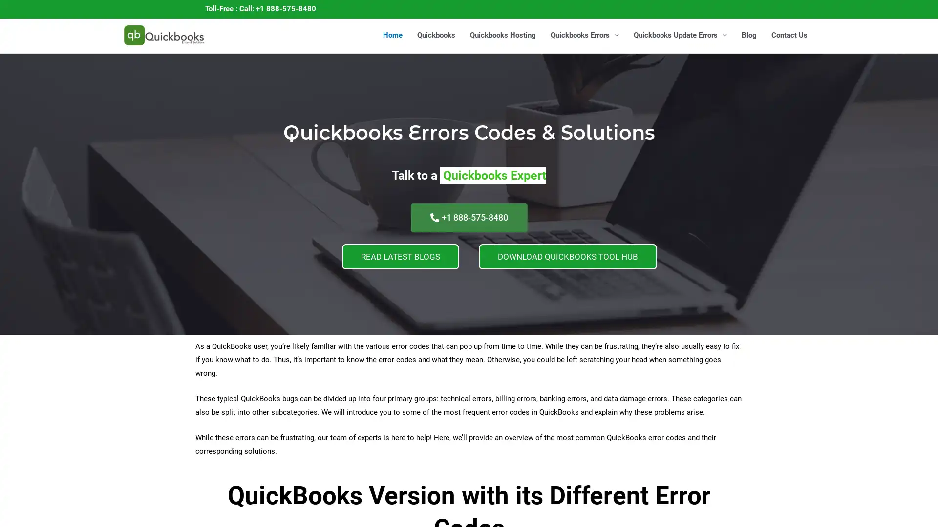 The width and height of the screenshot is (938, 527). What do you see at coordinates (568, 256) in the screenshot?
I see `DOWNLOAD QUICKBOOKS TOOL HUB` at bounding box center [568, 256].